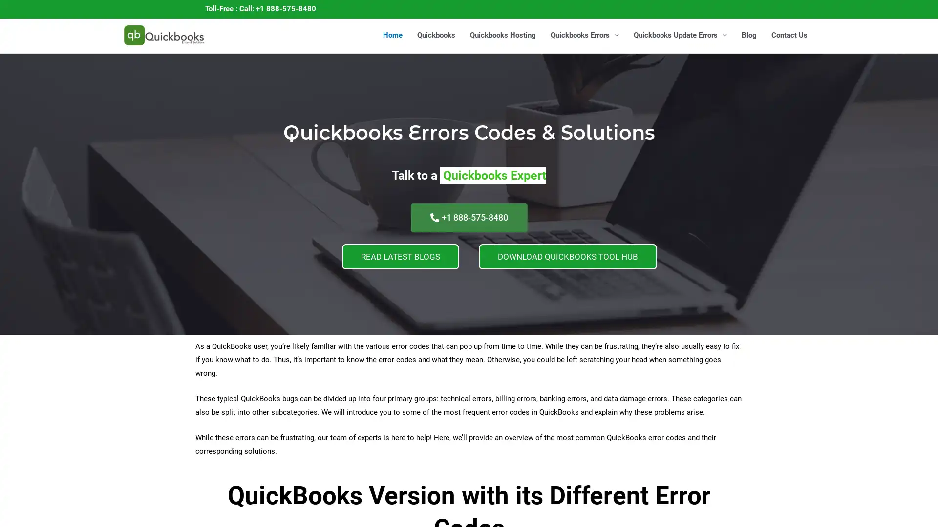 The width and height of the screenshot is (938, 527). What do you see at coordinates (568, 256) in the screenshot?
I see `DOWNLOAD QUICKBOOKS TOOL HUB` at bounding box center [568, 256].